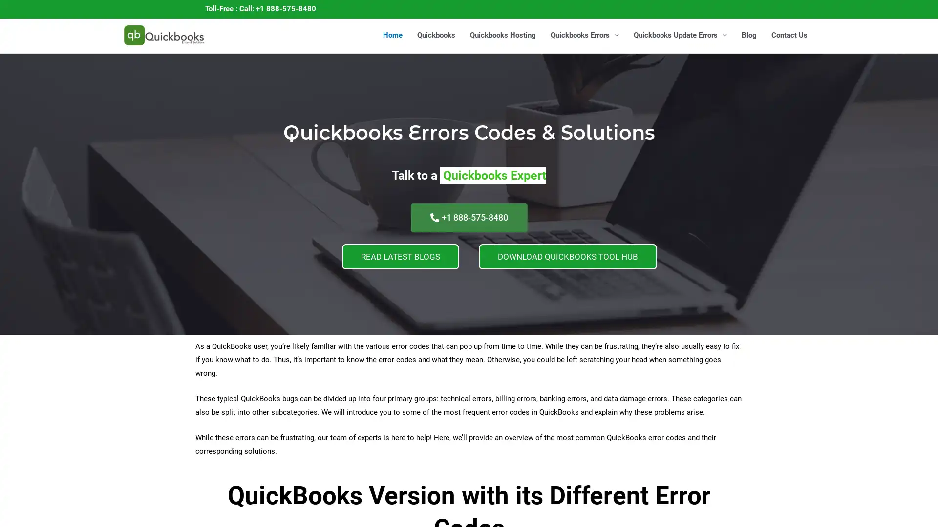 The width and height of the screenshot is (938, 527). What do you see at coordinates (568, 256) in the screenshot?
I see `DOWNLOAD QUICKBOOKS TOOL HUB` at bounding box center [568, 256].